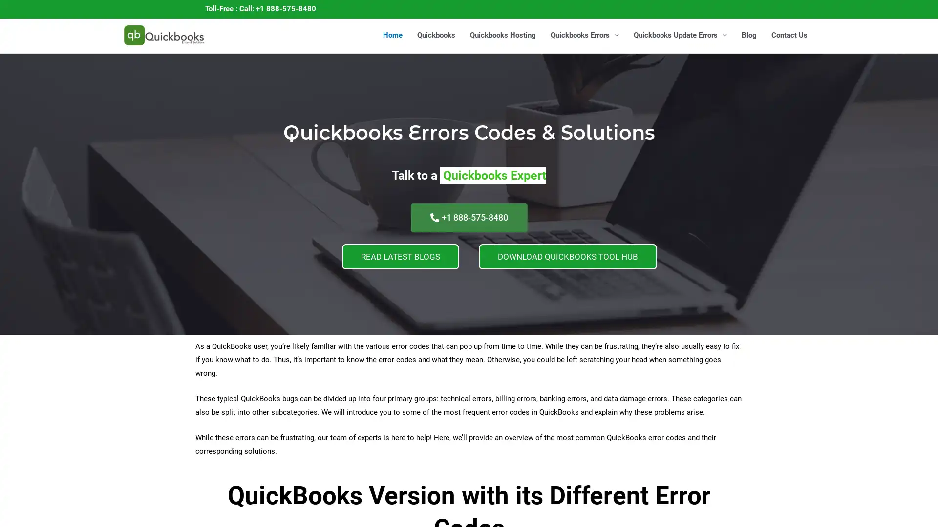 The width and height of the screenshot is (938, 527). What do you see at coordinates (568, 256) in the screenshot?
I see `DOWNLOAD QUICKBOOKS TOOL HUB` at bounding box center [568, 256].